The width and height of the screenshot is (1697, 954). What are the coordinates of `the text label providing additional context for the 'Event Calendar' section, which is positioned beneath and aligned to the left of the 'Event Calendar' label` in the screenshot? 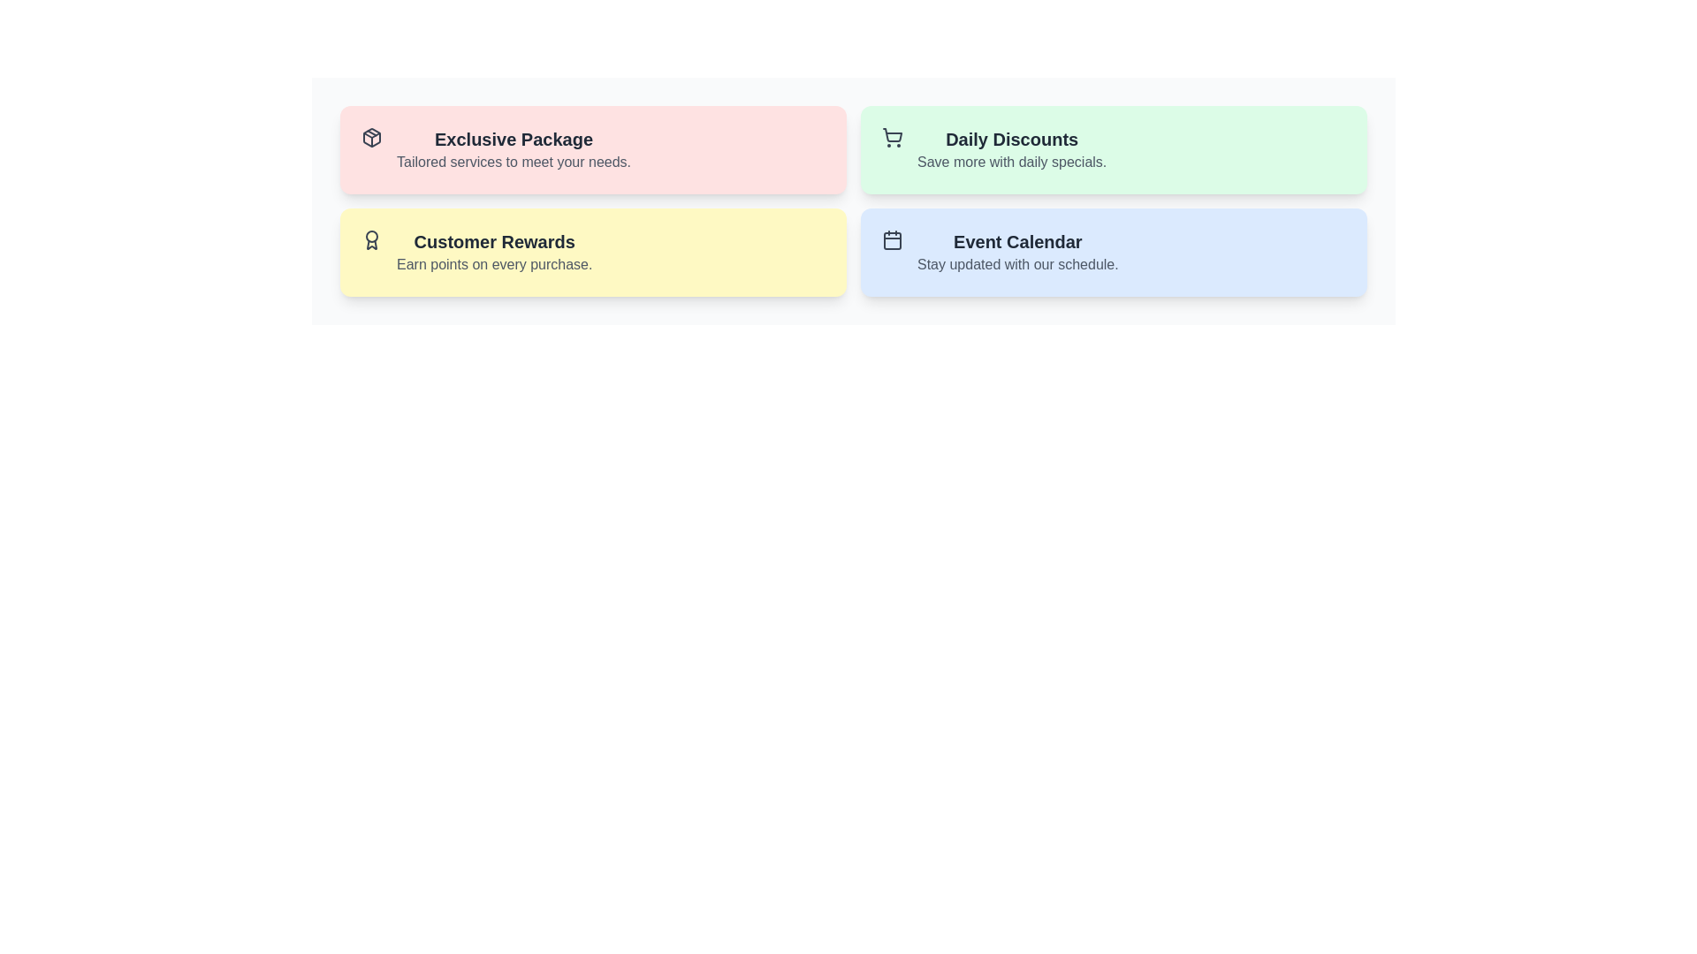 It's located at (1017, 265).